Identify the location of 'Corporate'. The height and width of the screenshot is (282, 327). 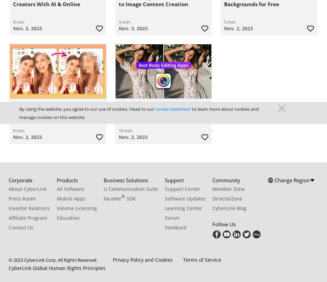
(20, 179).